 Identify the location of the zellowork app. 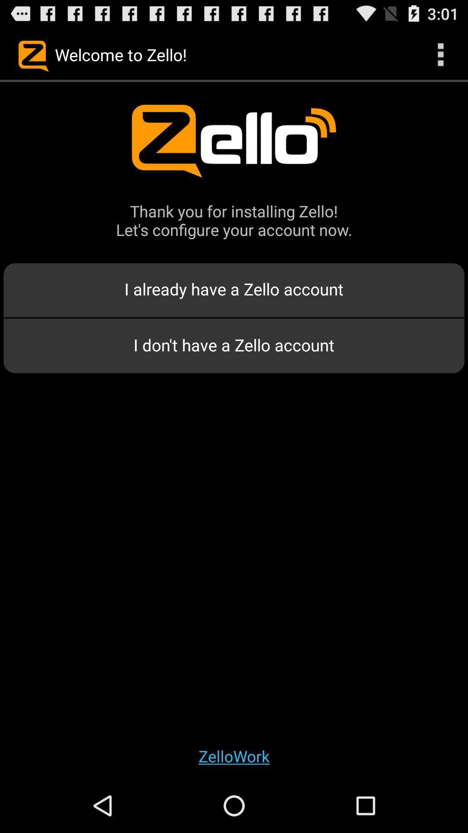
(234, 755).